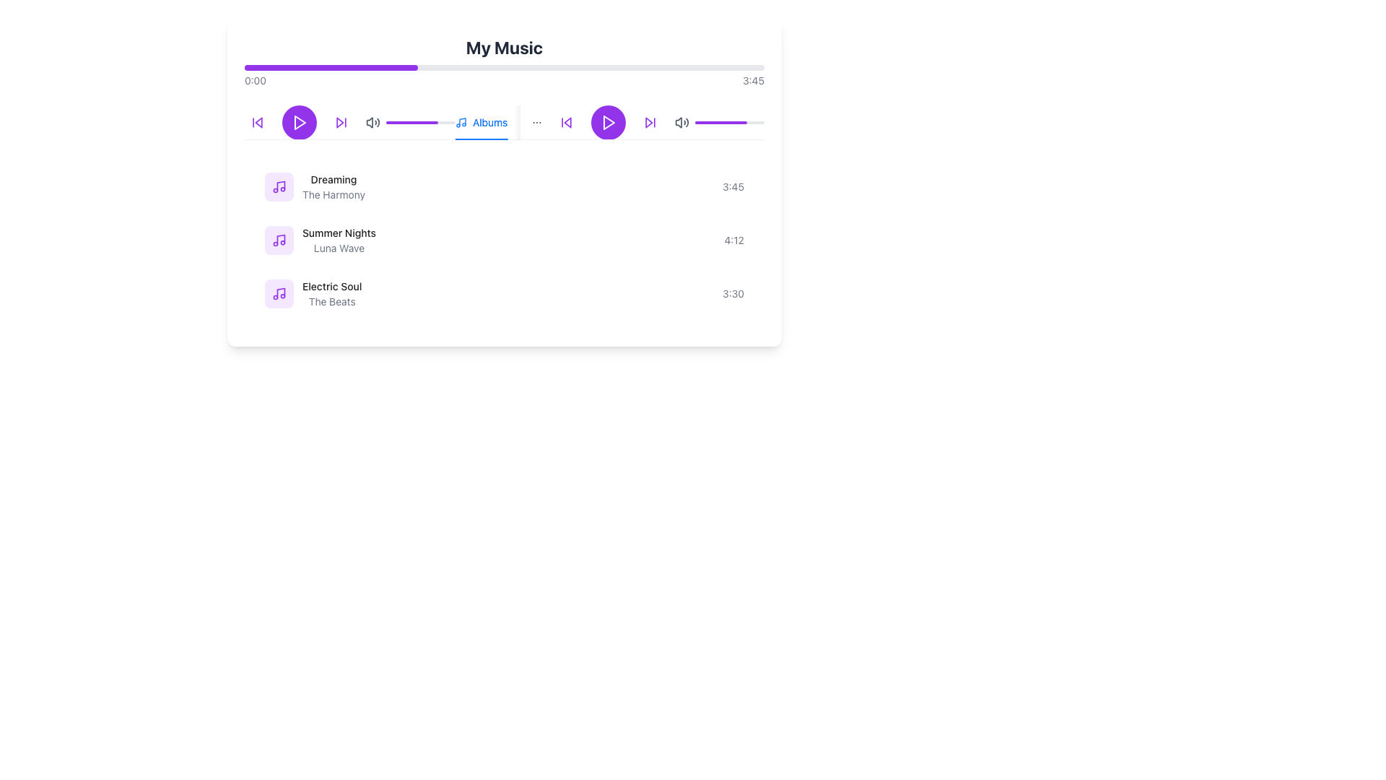 The height and width of the screenshot is (780, 1386). Describe the element at coordinates (488, 121) in the screenshot. I see `the 'Albums' tab header in the navigation bar` at that location.